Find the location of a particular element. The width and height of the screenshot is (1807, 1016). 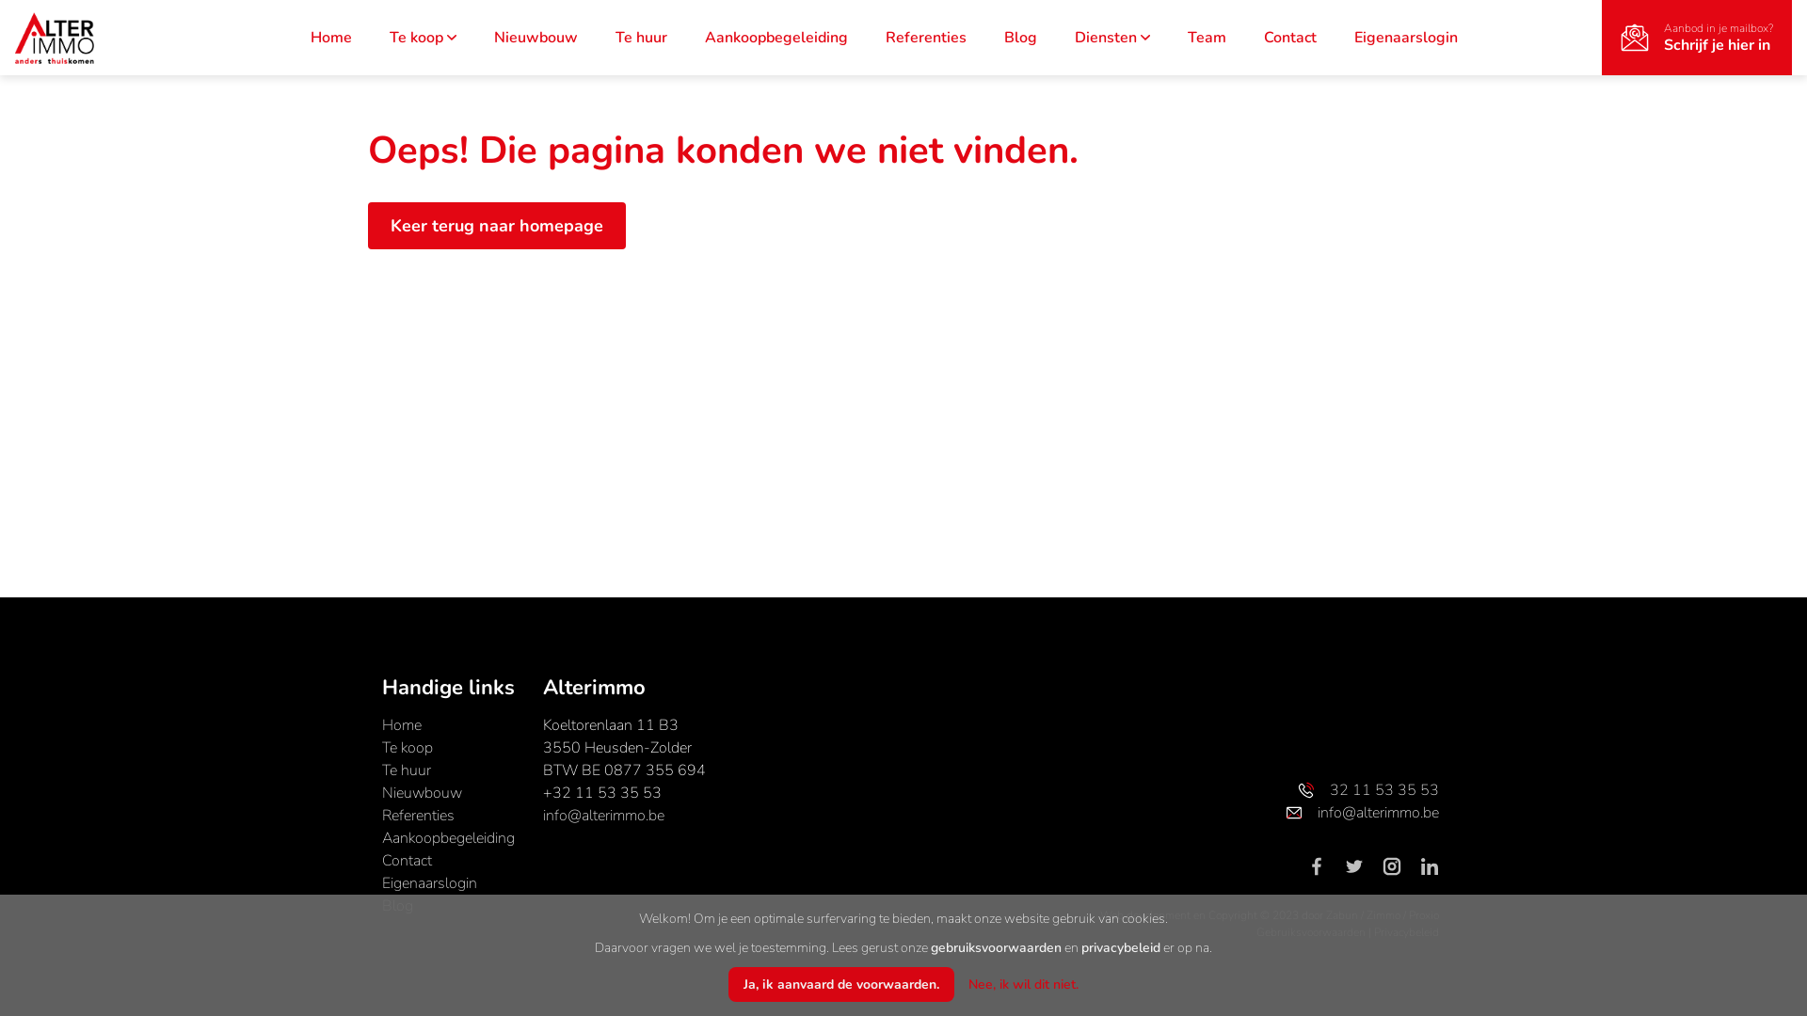

'gebruiksvoorwaarden' is located at coordinates (930, 947).